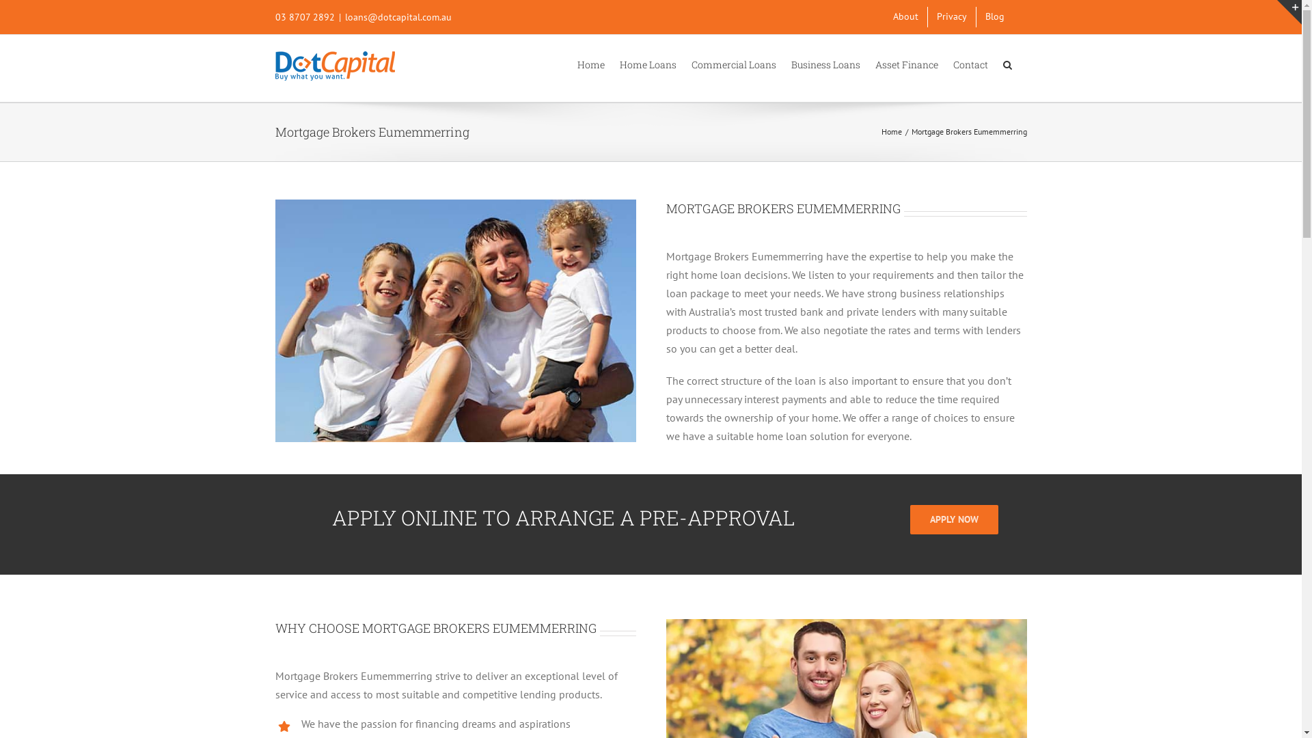 Image resolution: width=1312 pixels, height=738 pixels. I want to click on 'About', so click(905, 16).